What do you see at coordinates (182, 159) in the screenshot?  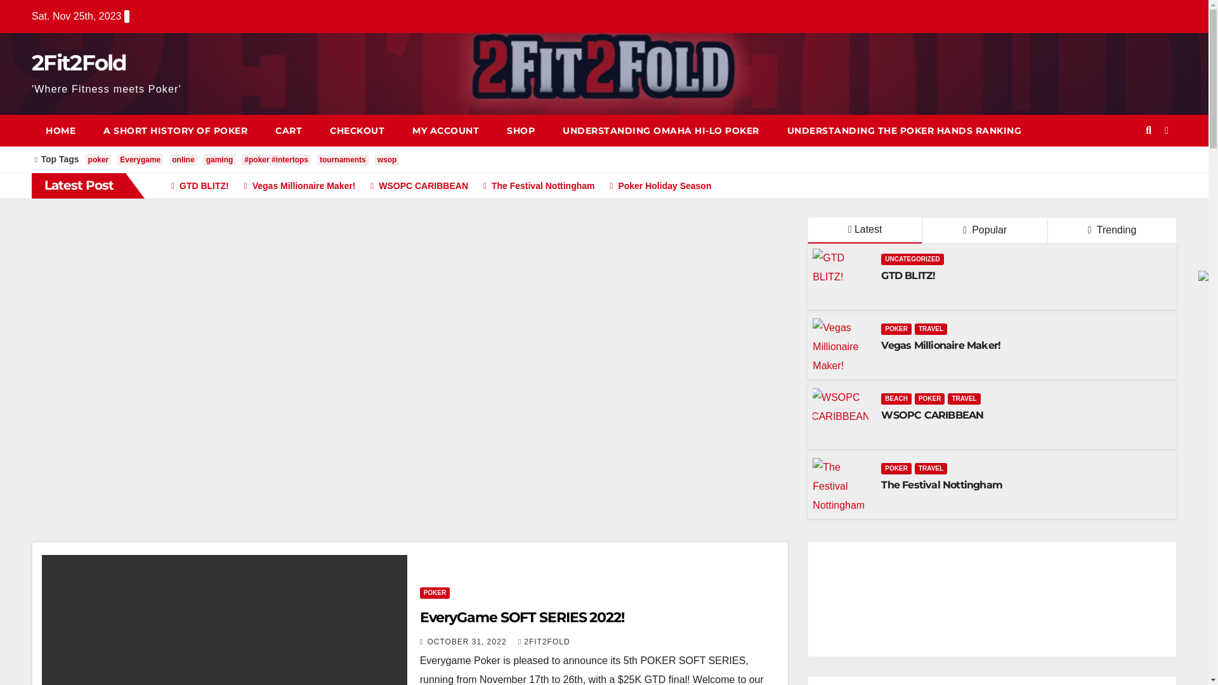 I see `'online'` at bounding box center [182, 159].